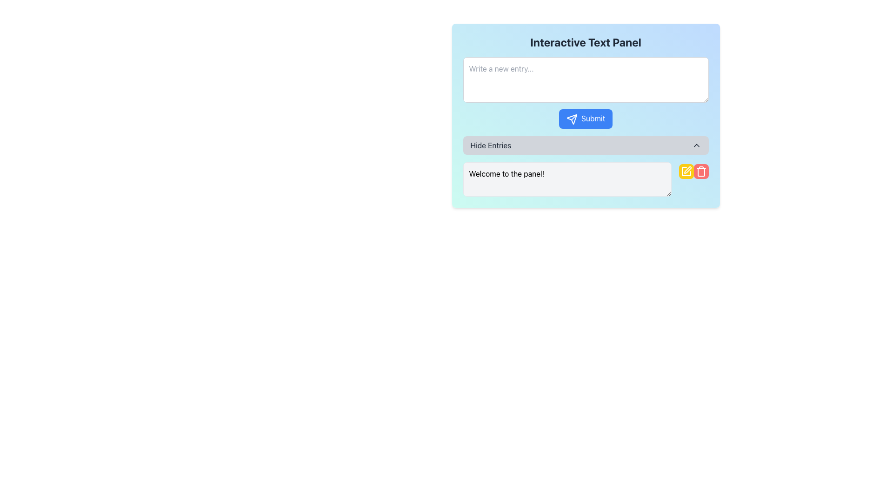 Image resolution: width=893 pixels, height=502 pixels. What do you see at coordinates (585, 42) in the screenshot?
I see `the Text Label that serves as the descriptive heading for the panel below it` at bounding box center [585, 42].